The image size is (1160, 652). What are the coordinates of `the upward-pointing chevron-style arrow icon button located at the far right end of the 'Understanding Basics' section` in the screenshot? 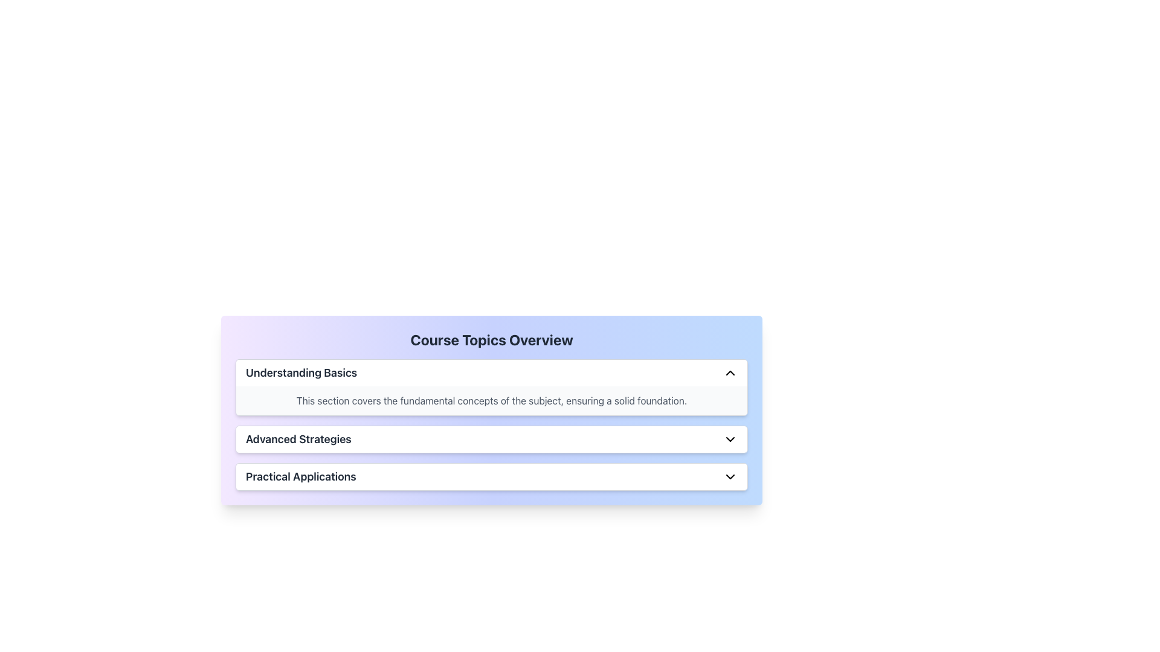 It's located at (730, 372).